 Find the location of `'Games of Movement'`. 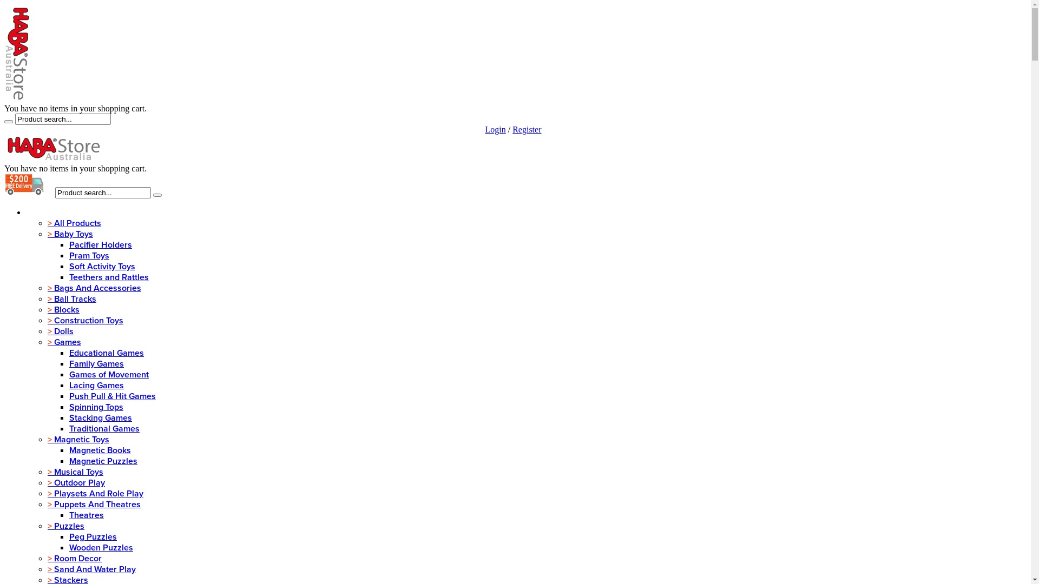

'Games of Movement' is located at coordinates (109, 374).